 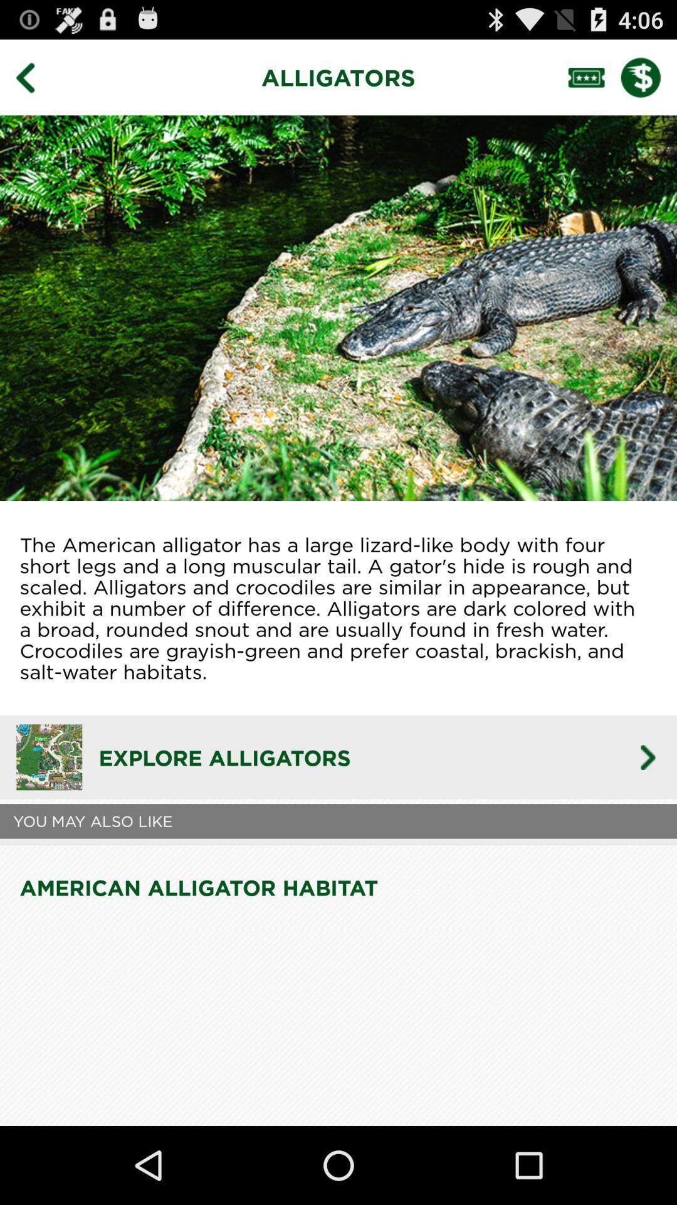 What do you see at coordinates (34, 77) in the screenshot?
I see `go back` at bounding box center [34, 77].